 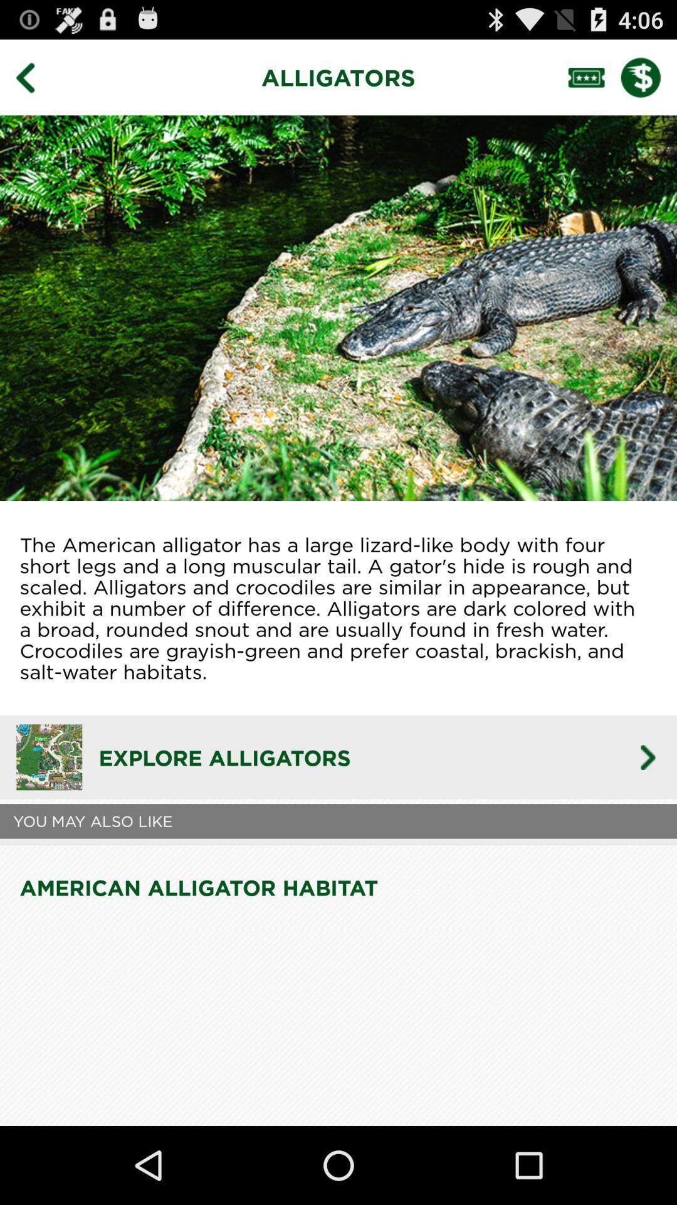 What do you see at coordinates (34, 77) in the screenshot?
I see `go back` at bounding box center [34, 77].